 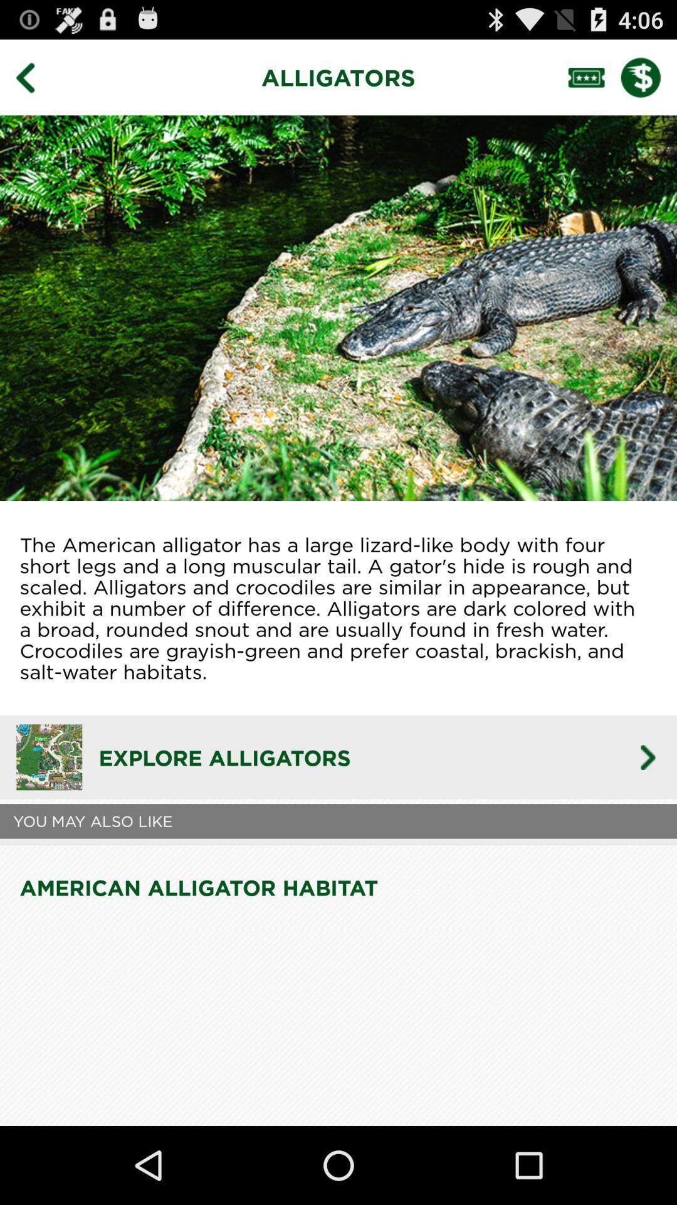 What do you see at coordinates (34, 77) in the screenshot?
I see `go back` at bounding box center [34, 77].